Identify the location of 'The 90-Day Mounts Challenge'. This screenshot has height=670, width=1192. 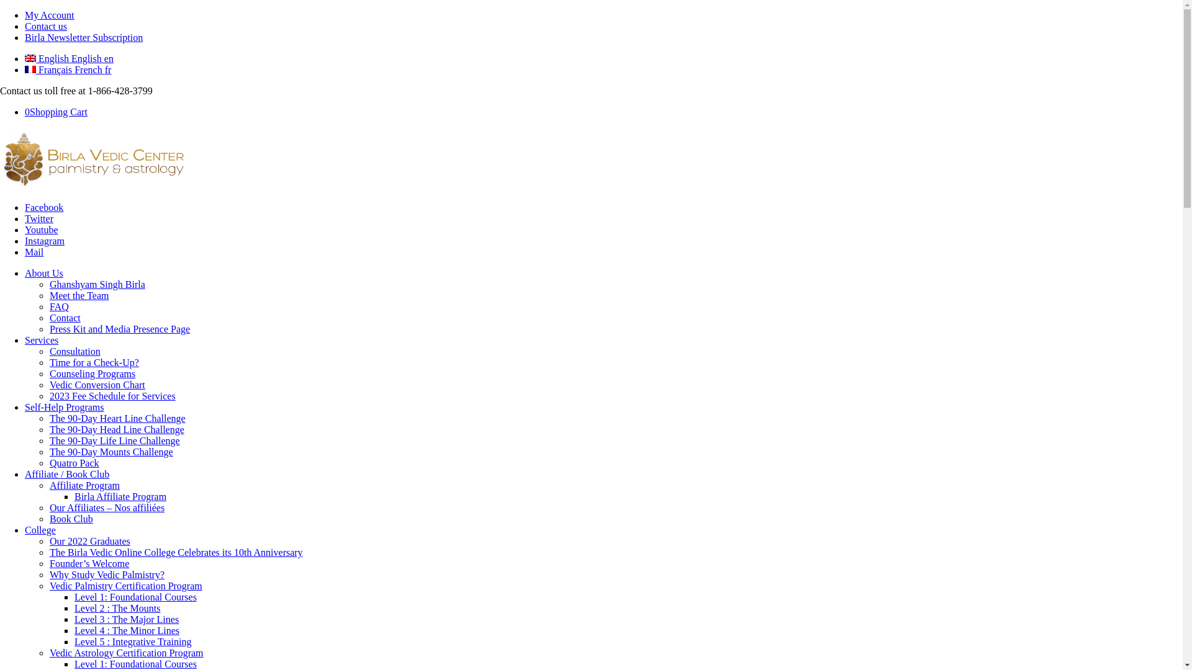
(111, 452).